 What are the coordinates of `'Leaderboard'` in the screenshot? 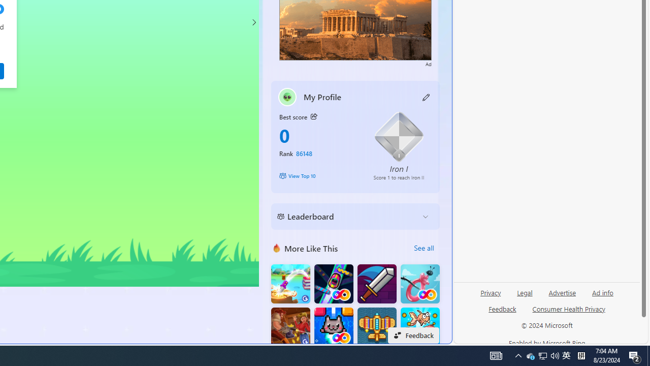 It's located at (347, 216).